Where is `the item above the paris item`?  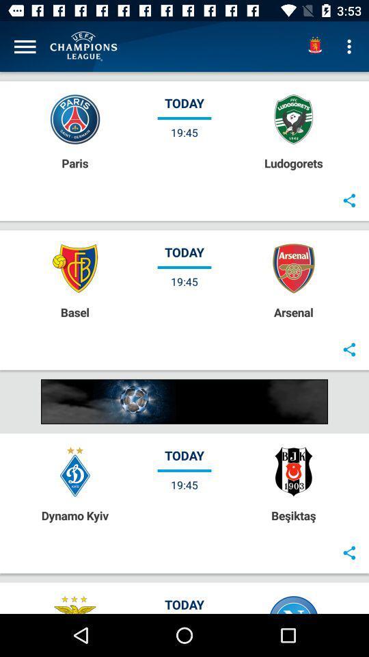 the item above the paris item is located at coordinates (25, 47).